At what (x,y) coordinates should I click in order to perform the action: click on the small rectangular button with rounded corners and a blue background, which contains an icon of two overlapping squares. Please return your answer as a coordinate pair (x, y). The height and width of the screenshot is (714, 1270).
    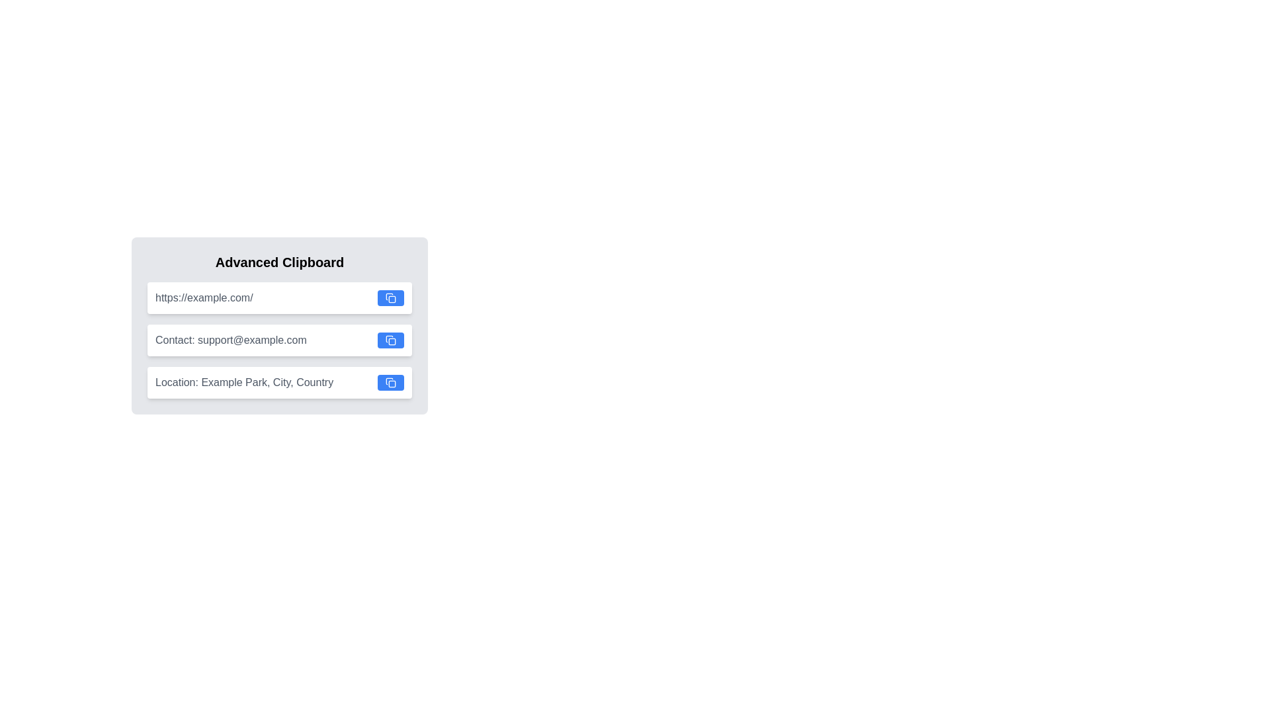
    Looking at the image, I should click on (390, 340).